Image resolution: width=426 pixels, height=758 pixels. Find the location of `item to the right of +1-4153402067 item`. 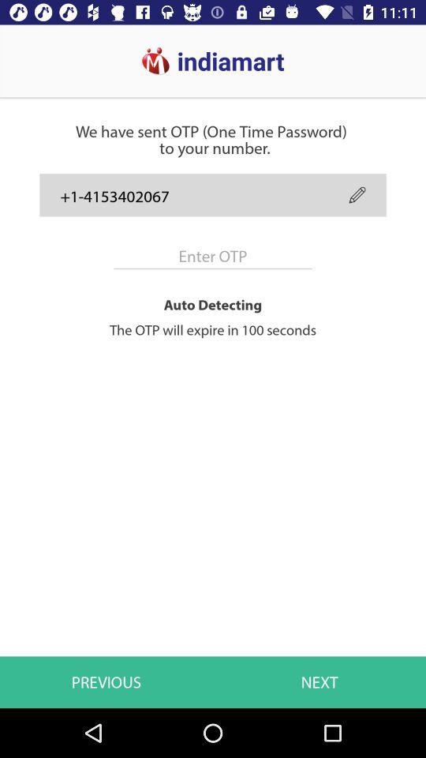

item to the right of +1-4153402067 item is located at coordinates (357, 194).